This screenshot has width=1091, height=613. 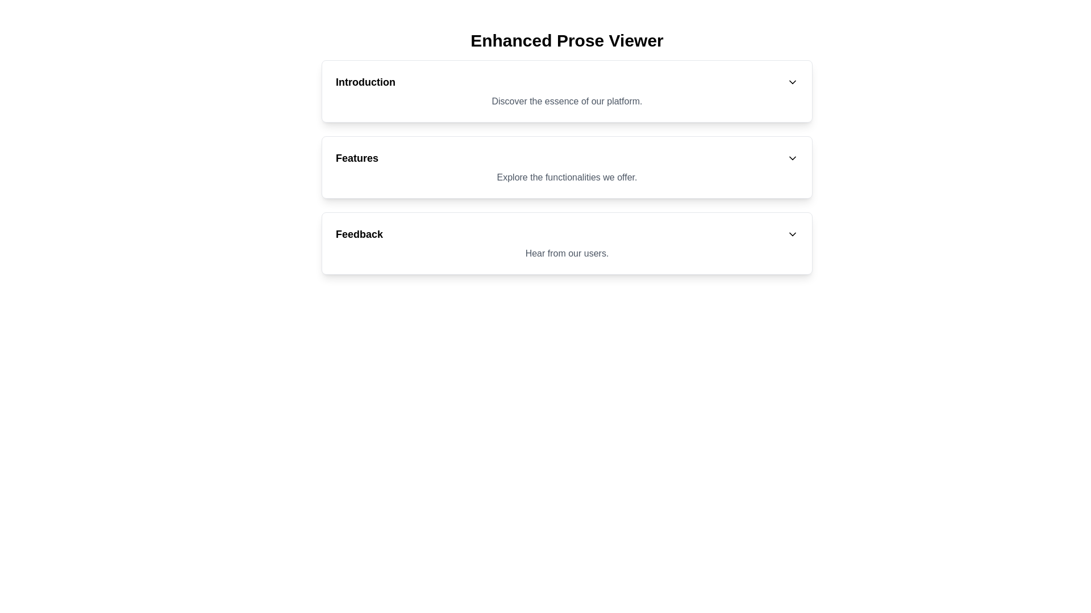 I want to click on the third expandable section under the 'Enhanced Prose Viewer', so click(x=567, y=242).